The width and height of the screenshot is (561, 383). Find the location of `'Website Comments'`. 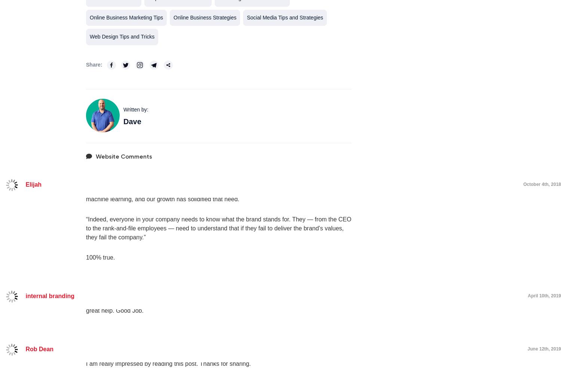

'Website Comments' is located at coordinates (123, 156).